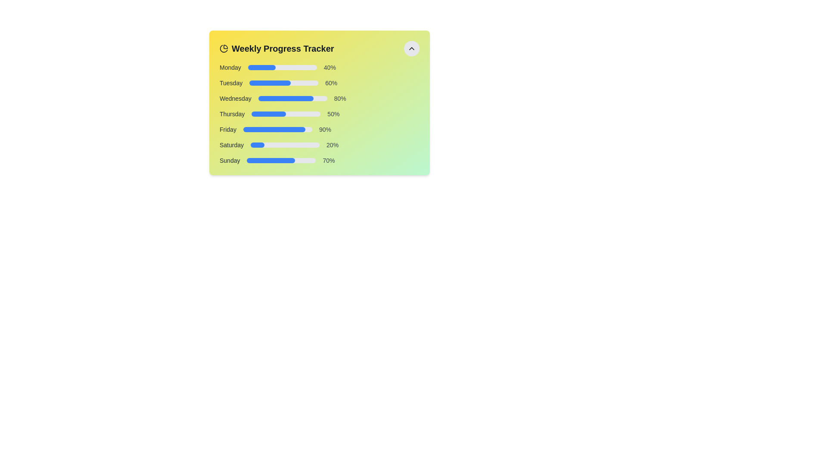 The width and height of the screenshot is (827, 465). I want to click on the labeled progress bar for 'Thursday', which has a blue progress indicator showing 50%, so click(319, 114).